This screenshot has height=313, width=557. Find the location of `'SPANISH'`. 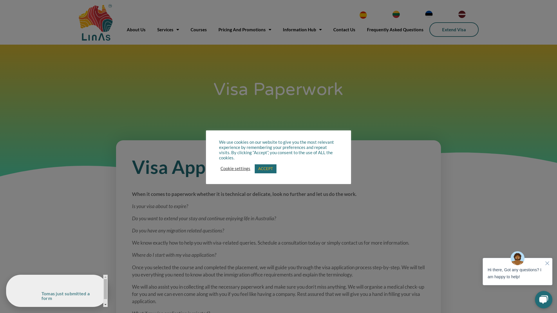

'SPANISH' is located at coordinates (363, 14).